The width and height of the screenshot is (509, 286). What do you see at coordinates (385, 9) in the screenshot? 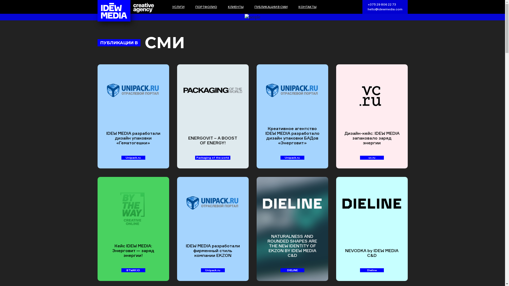
I see `'hello@idewmedia.com'` at bounding box center [385, 9].